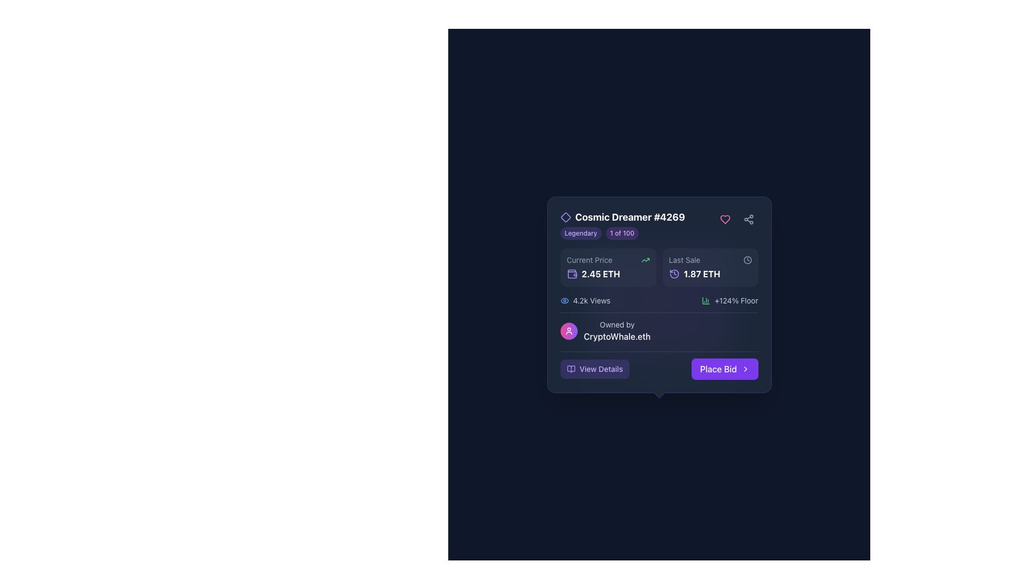 The width and height of the screenshot is (1027, 577). I want to click on text label displaying the view count (4.2k) located to the right of the eye icon and above the 'Owned by' section, so click(591, 301).